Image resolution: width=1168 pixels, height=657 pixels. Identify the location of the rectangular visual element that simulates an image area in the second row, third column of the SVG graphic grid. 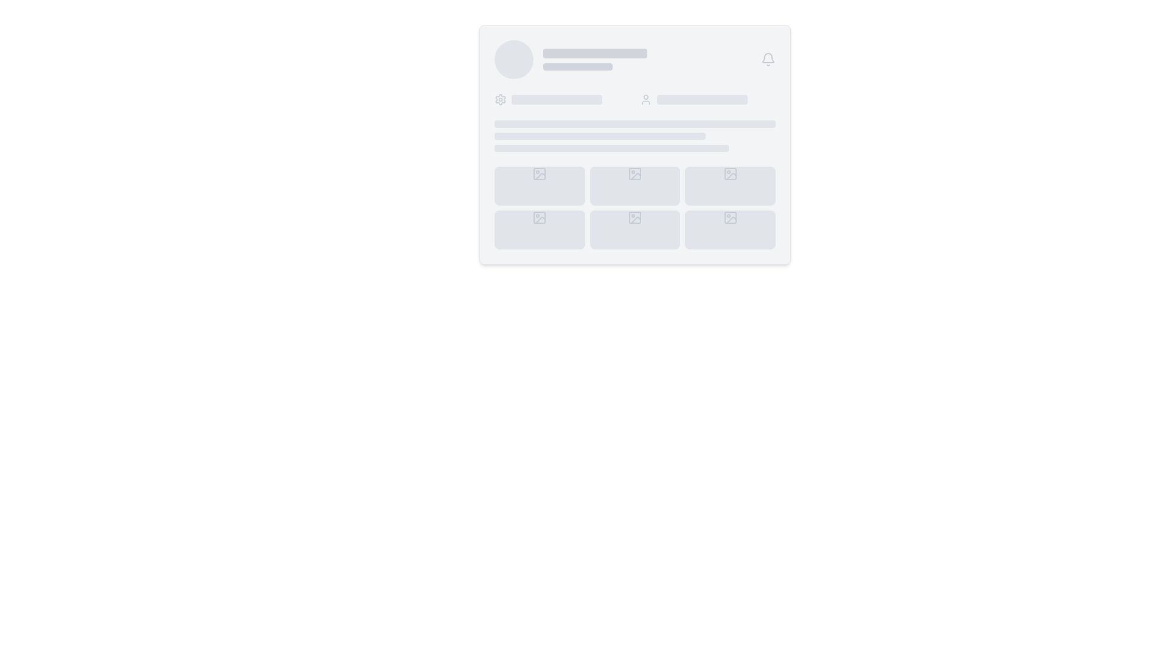
(730, 173).